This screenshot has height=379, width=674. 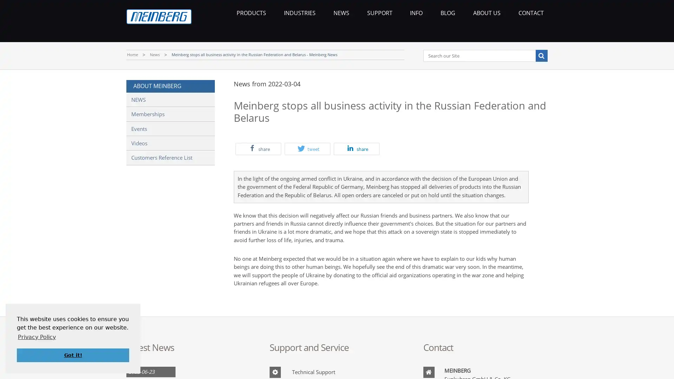 What do you see at coordinates (258, 148) in the screenshot?
I see `Share on Facebook` at bounding box center [258, 148].